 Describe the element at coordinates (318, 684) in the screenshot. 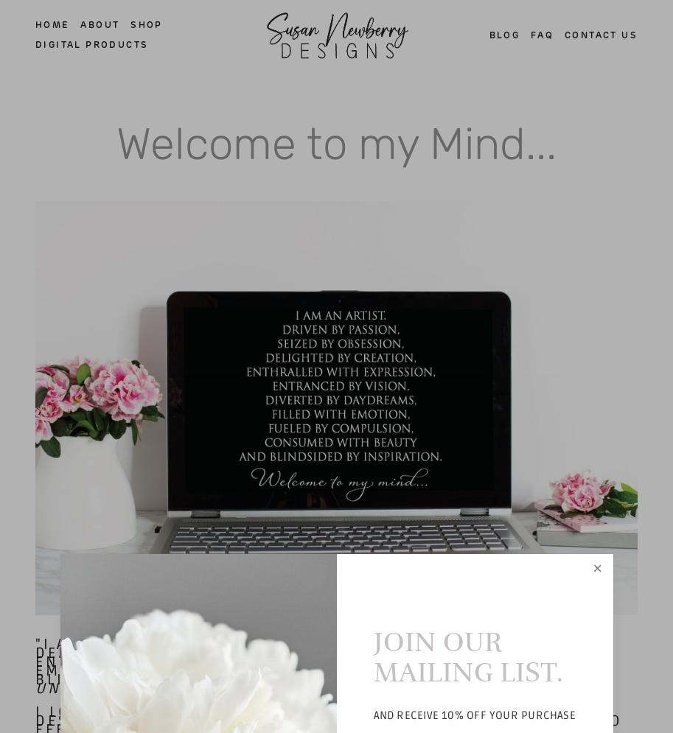

I see `'author unknown'` at that location.